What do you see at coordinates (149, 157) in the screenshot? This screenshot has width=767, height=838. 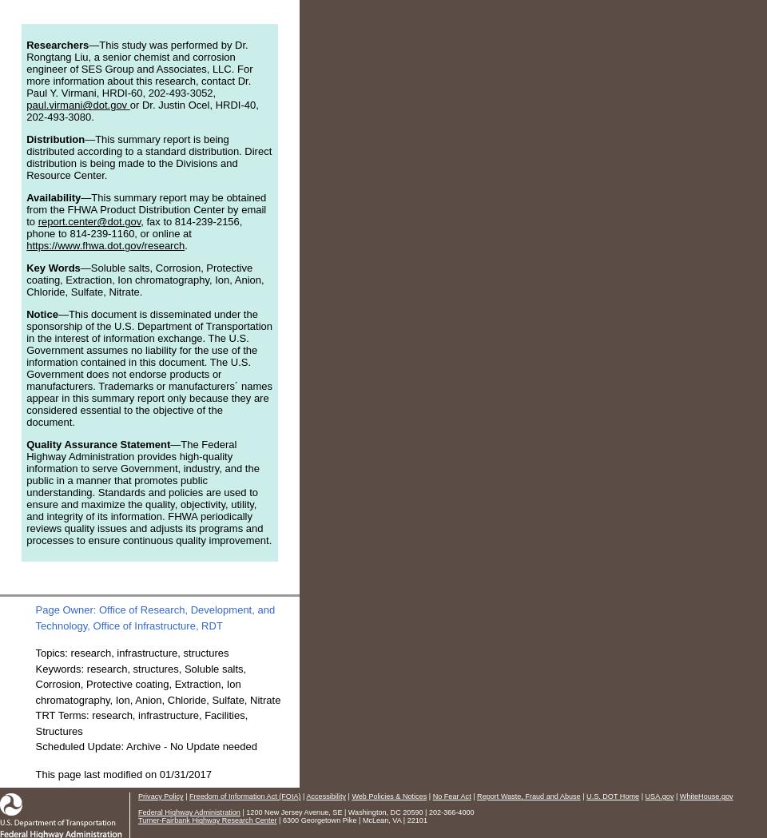 I see `'—This summary report is being distributed according to a standard distribution. Direct distribution is being made to the Divisions and Resource Center.'` at bounding box center [149, 157].